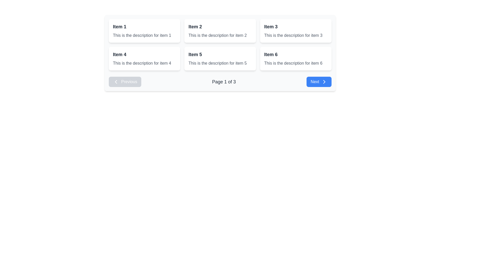  Describe the element at coordinates (142, 63) in the screenshot. I see `descriptive text block located below the heading 'Item 4' in the card labeled 'Item 4'` at that location.